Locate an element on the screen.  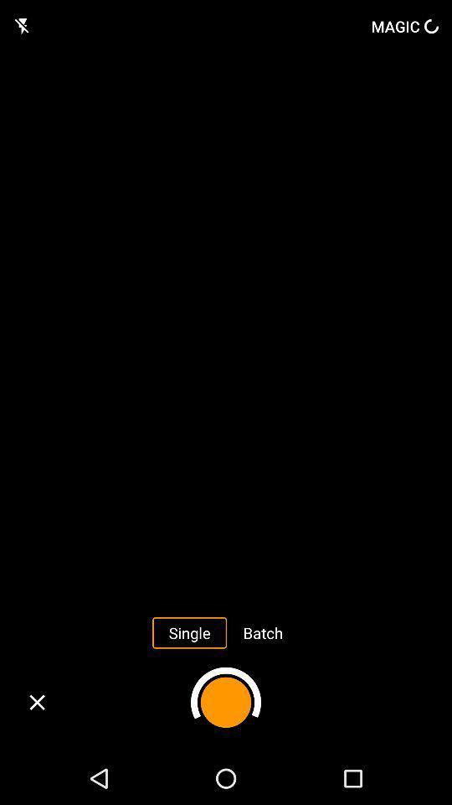
the flash icon is located at coordinates (22, 25).